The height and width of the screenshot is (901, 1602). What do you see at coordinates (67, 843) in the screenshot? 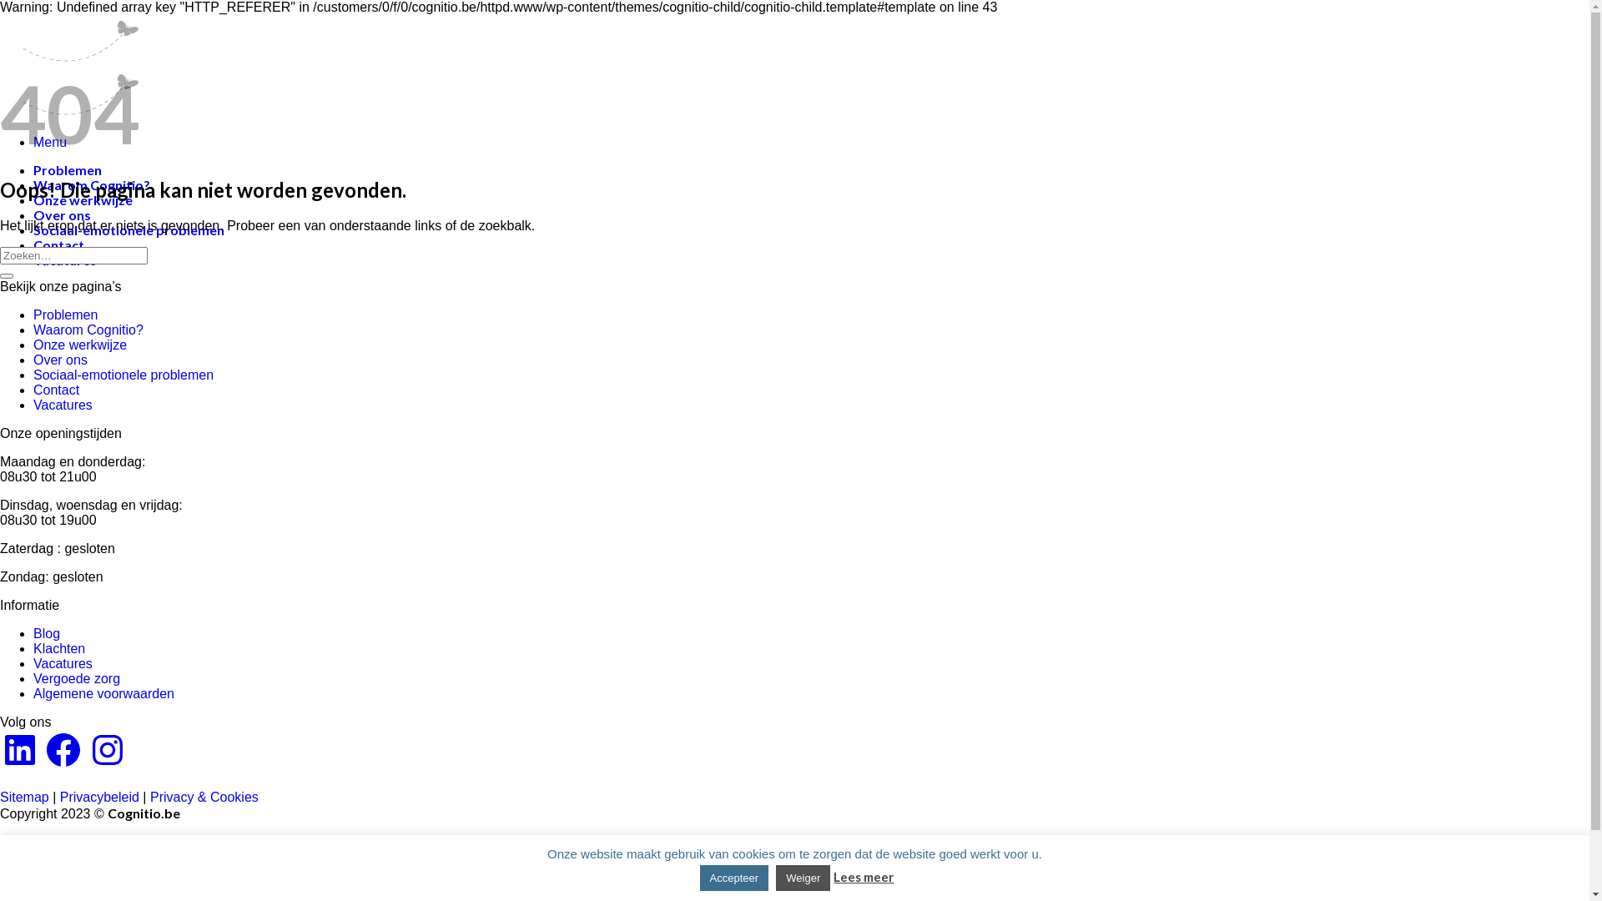
I see `'Problemen'` at bounding box center [67, 843].